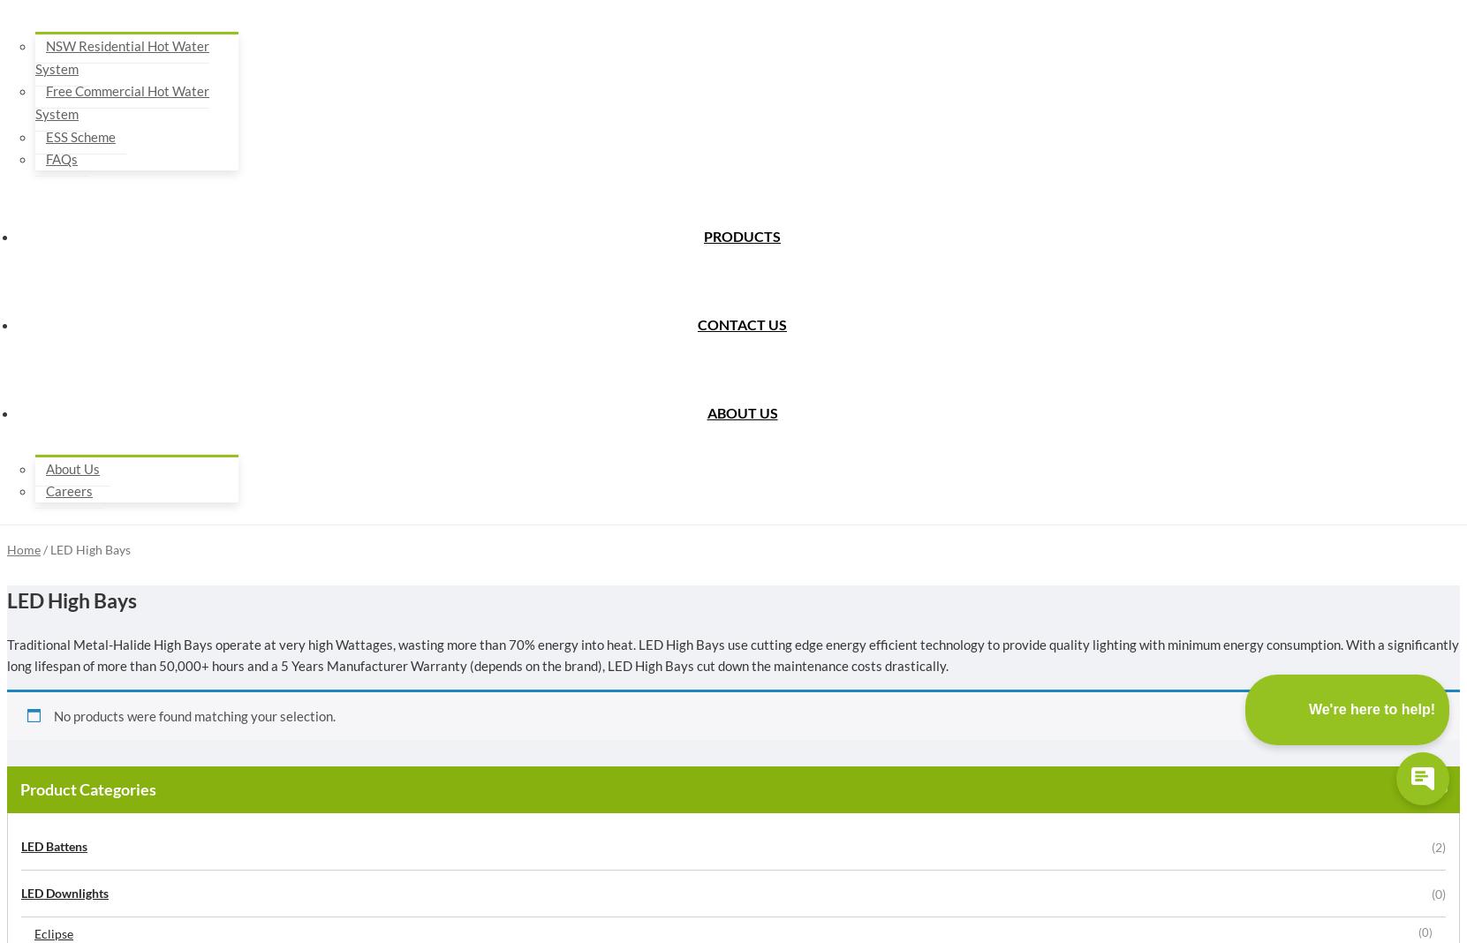 The width and height of the screenshot is (1467, 943). What do you see at coordinates (1438, 846) in the screenshot?
I see `'(2)'` at bounding box center [1438, 846].